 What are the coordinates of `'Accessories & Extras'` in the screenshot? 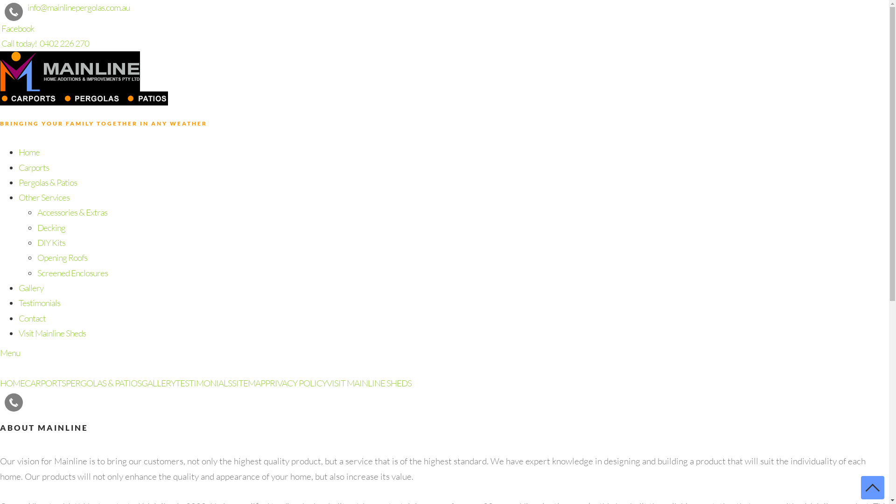 It's located at (71, 212).